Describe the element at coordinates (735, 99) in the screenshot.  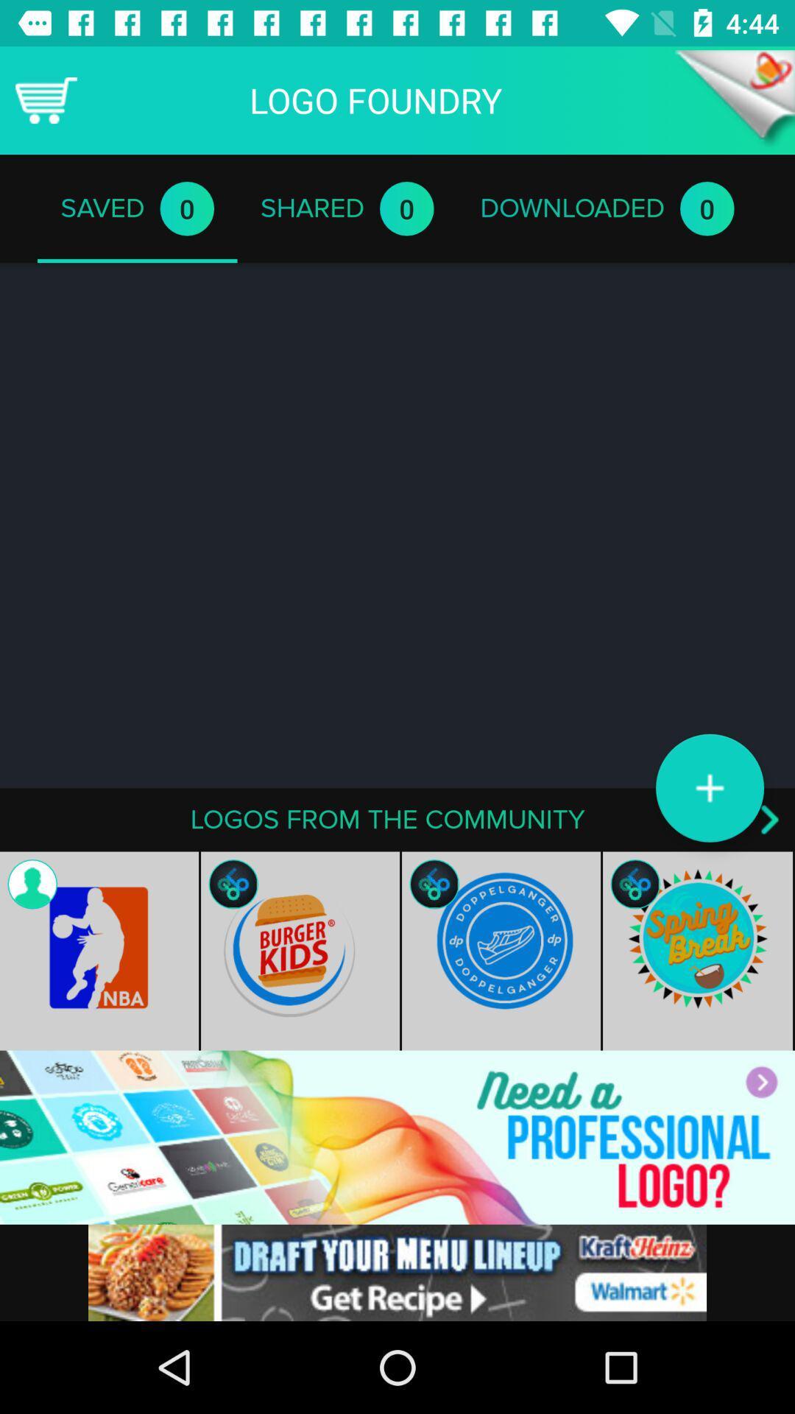
I see `back` at that location.